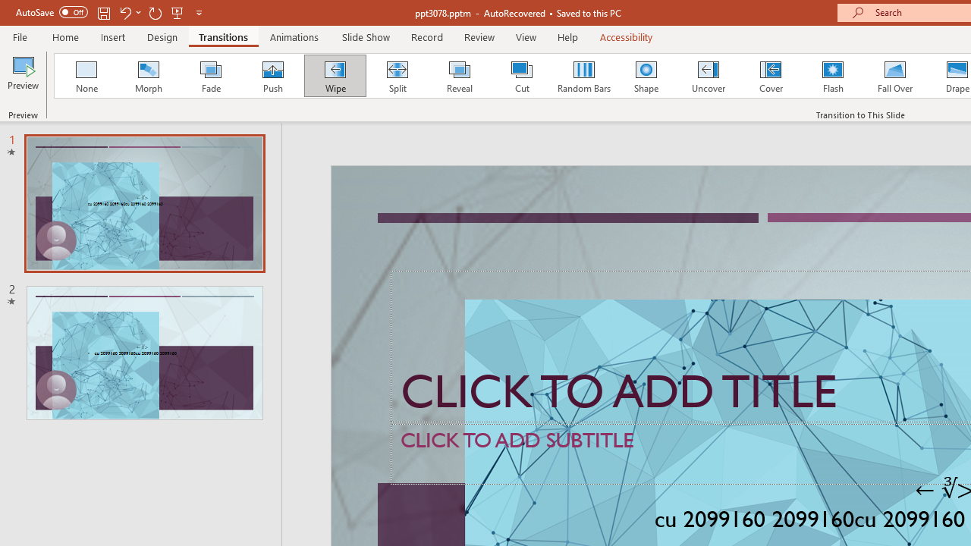 This screenshot has height=546, width=971. I want to click on 'Random Bars', so click(583, 76).